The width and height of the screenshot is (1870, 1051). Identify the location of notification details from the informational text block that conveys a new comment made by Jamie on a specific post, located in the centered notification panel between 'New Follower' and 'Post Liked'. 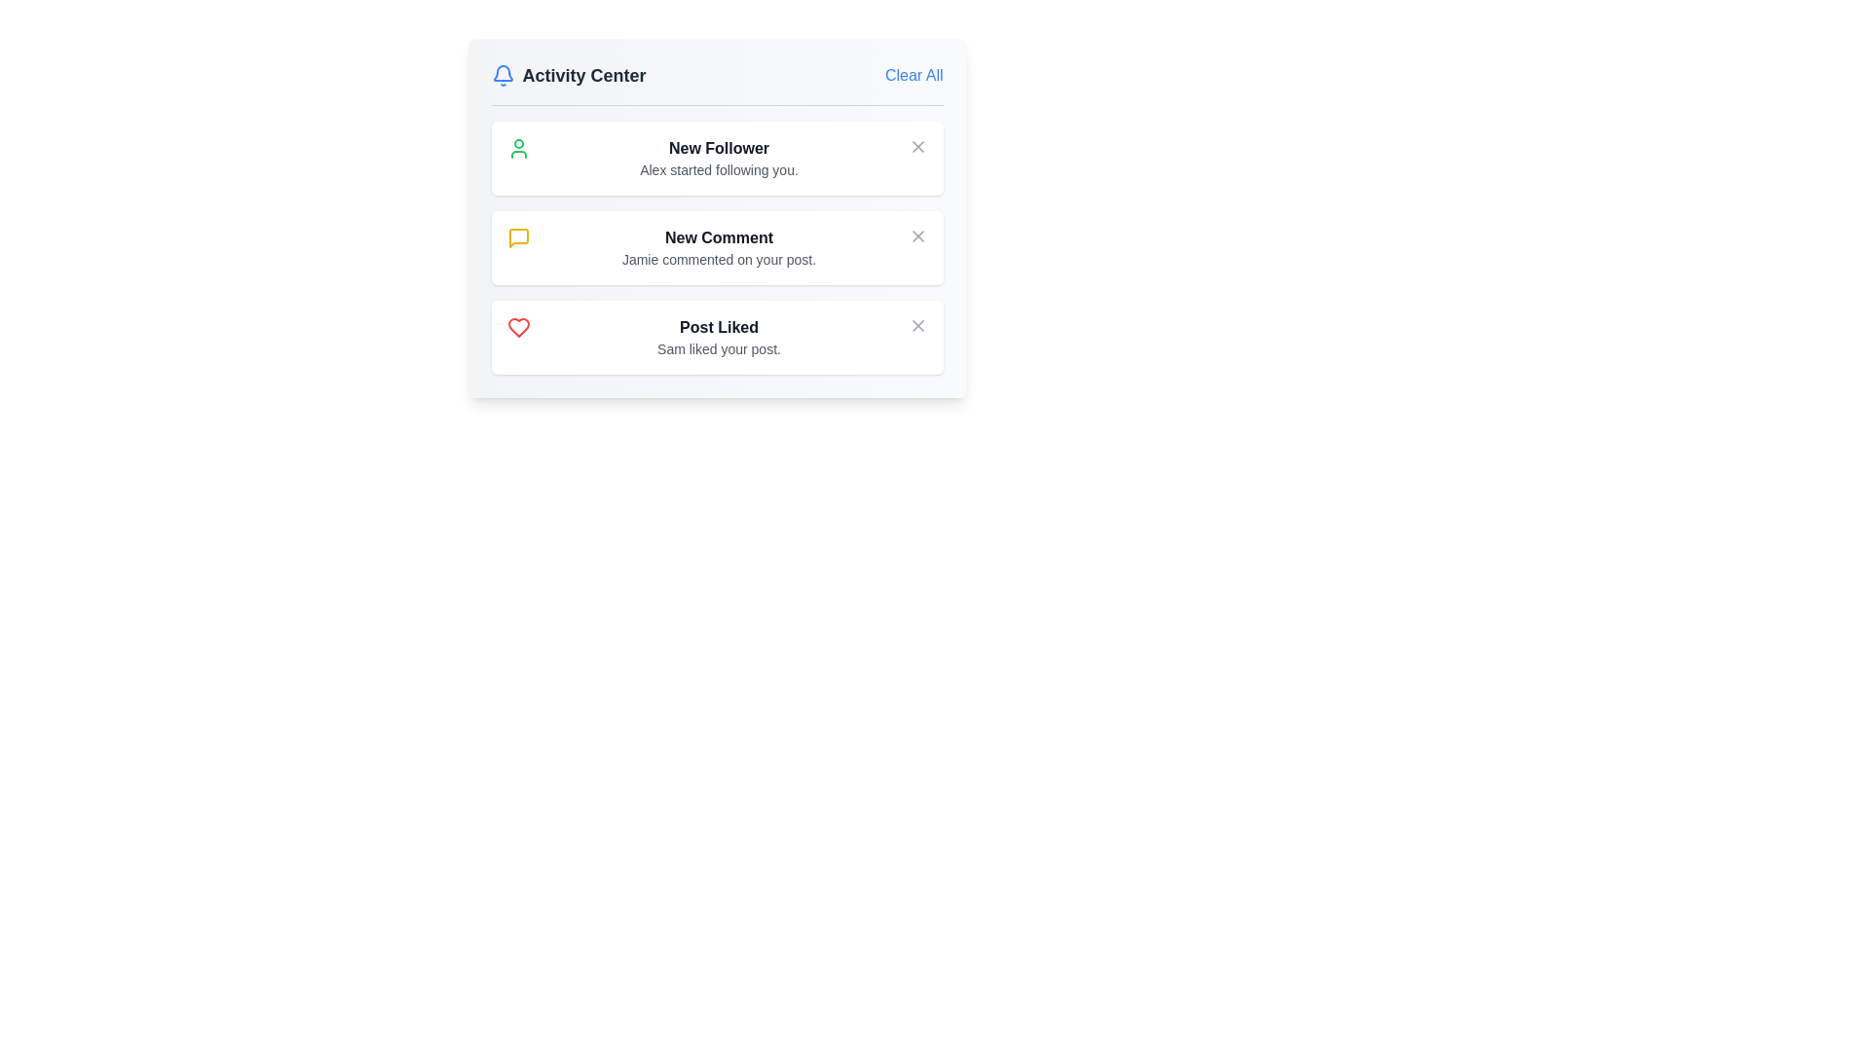
(718, 246).